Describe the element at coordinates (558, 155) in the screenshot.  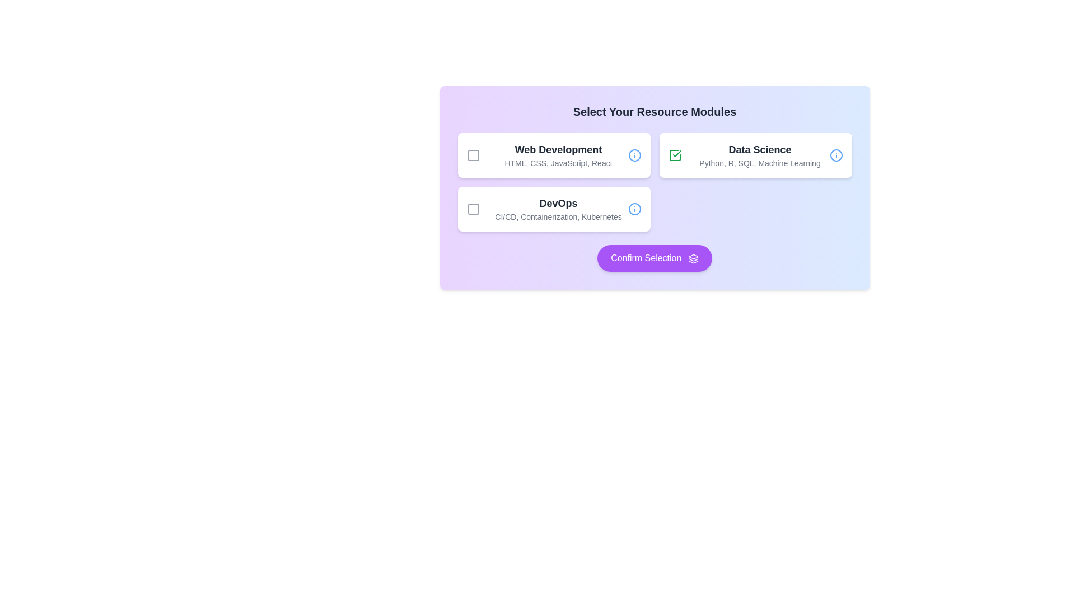
I see `the Descriptive Text Block for the 'Web Development' resource module, which is part of a horizontally aligned layout of selectable modules under 'Select Your Resource Modules.'` at that location.